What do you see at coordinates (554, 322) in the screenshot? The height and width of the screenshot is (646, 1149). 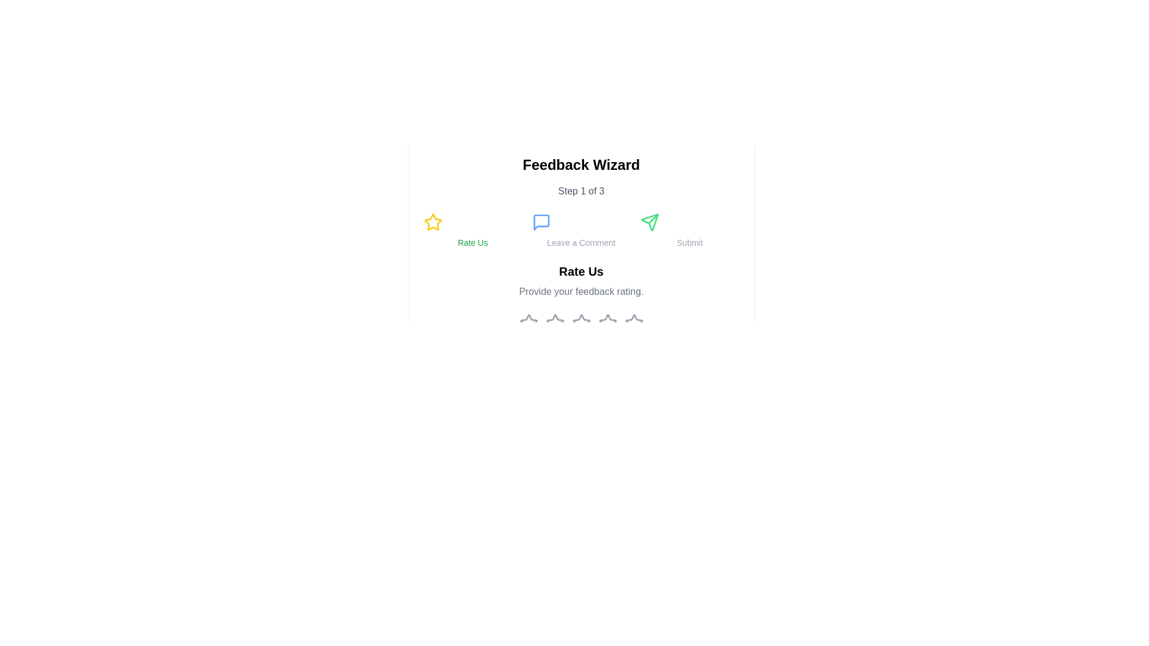 I see `the third star in the horizontal row of five stars, located directly underneath the 'Rate Us' text label` at bounding box center [554, 322].